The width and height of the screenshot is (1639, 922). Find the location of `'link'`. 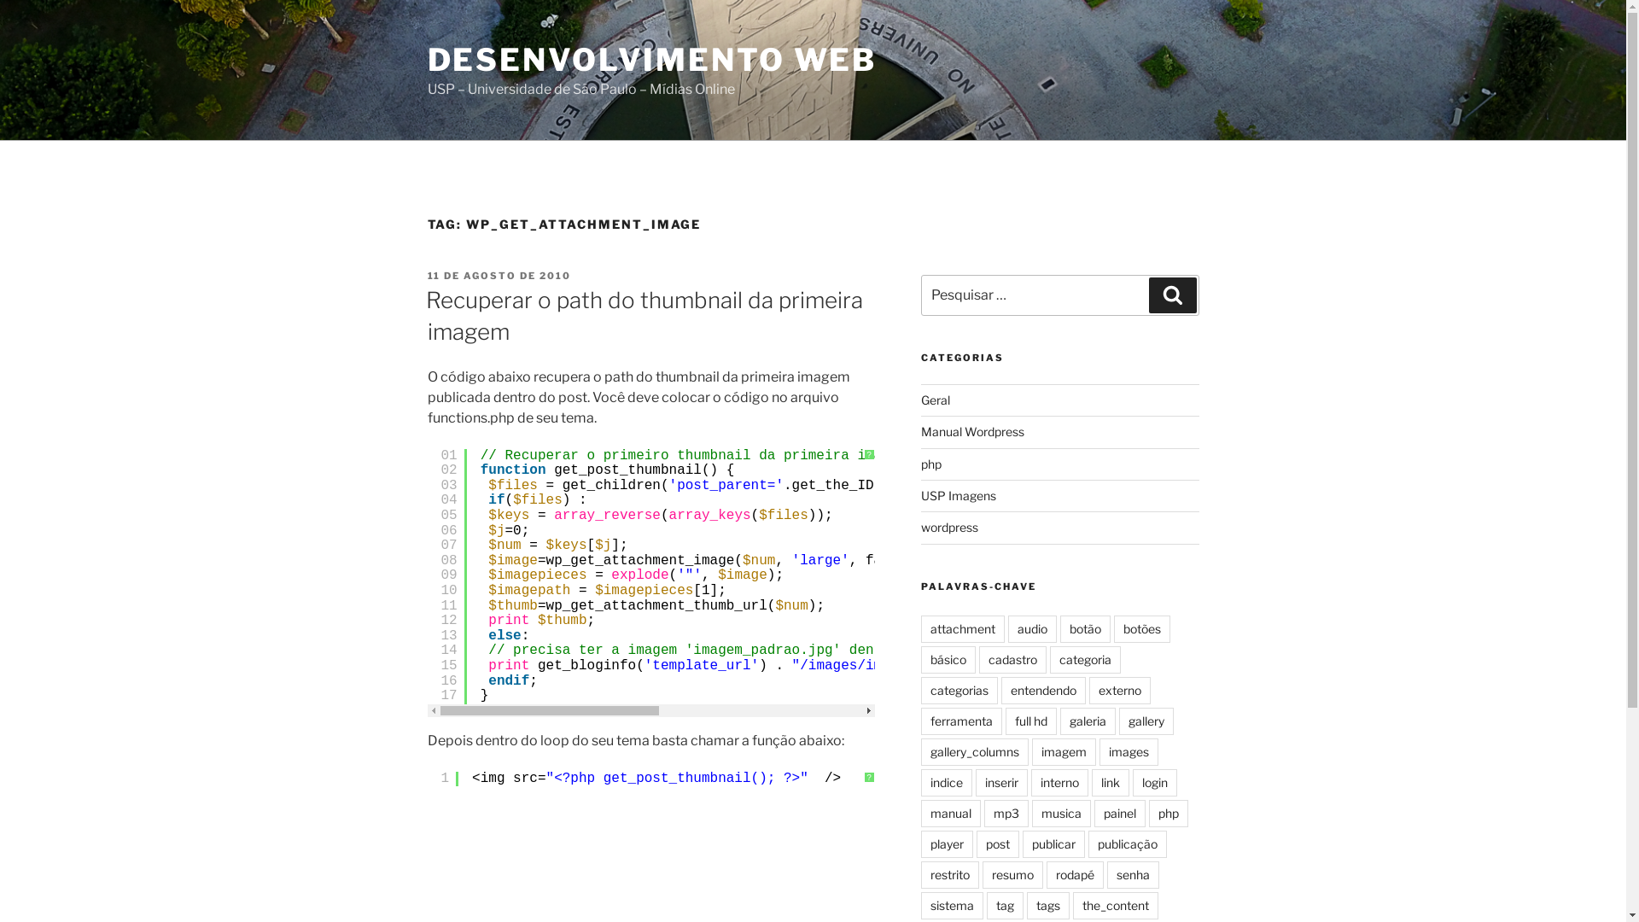

'link' is located at coordinates (1110, 783).